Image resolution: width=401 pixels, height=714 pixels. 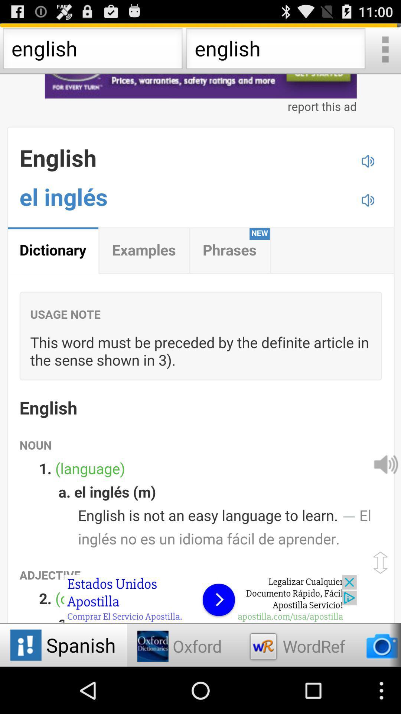 What do you see at coordinates (385, 463) in the screenshot?
I see `read definition aloud` at bounding box center [385, 463].